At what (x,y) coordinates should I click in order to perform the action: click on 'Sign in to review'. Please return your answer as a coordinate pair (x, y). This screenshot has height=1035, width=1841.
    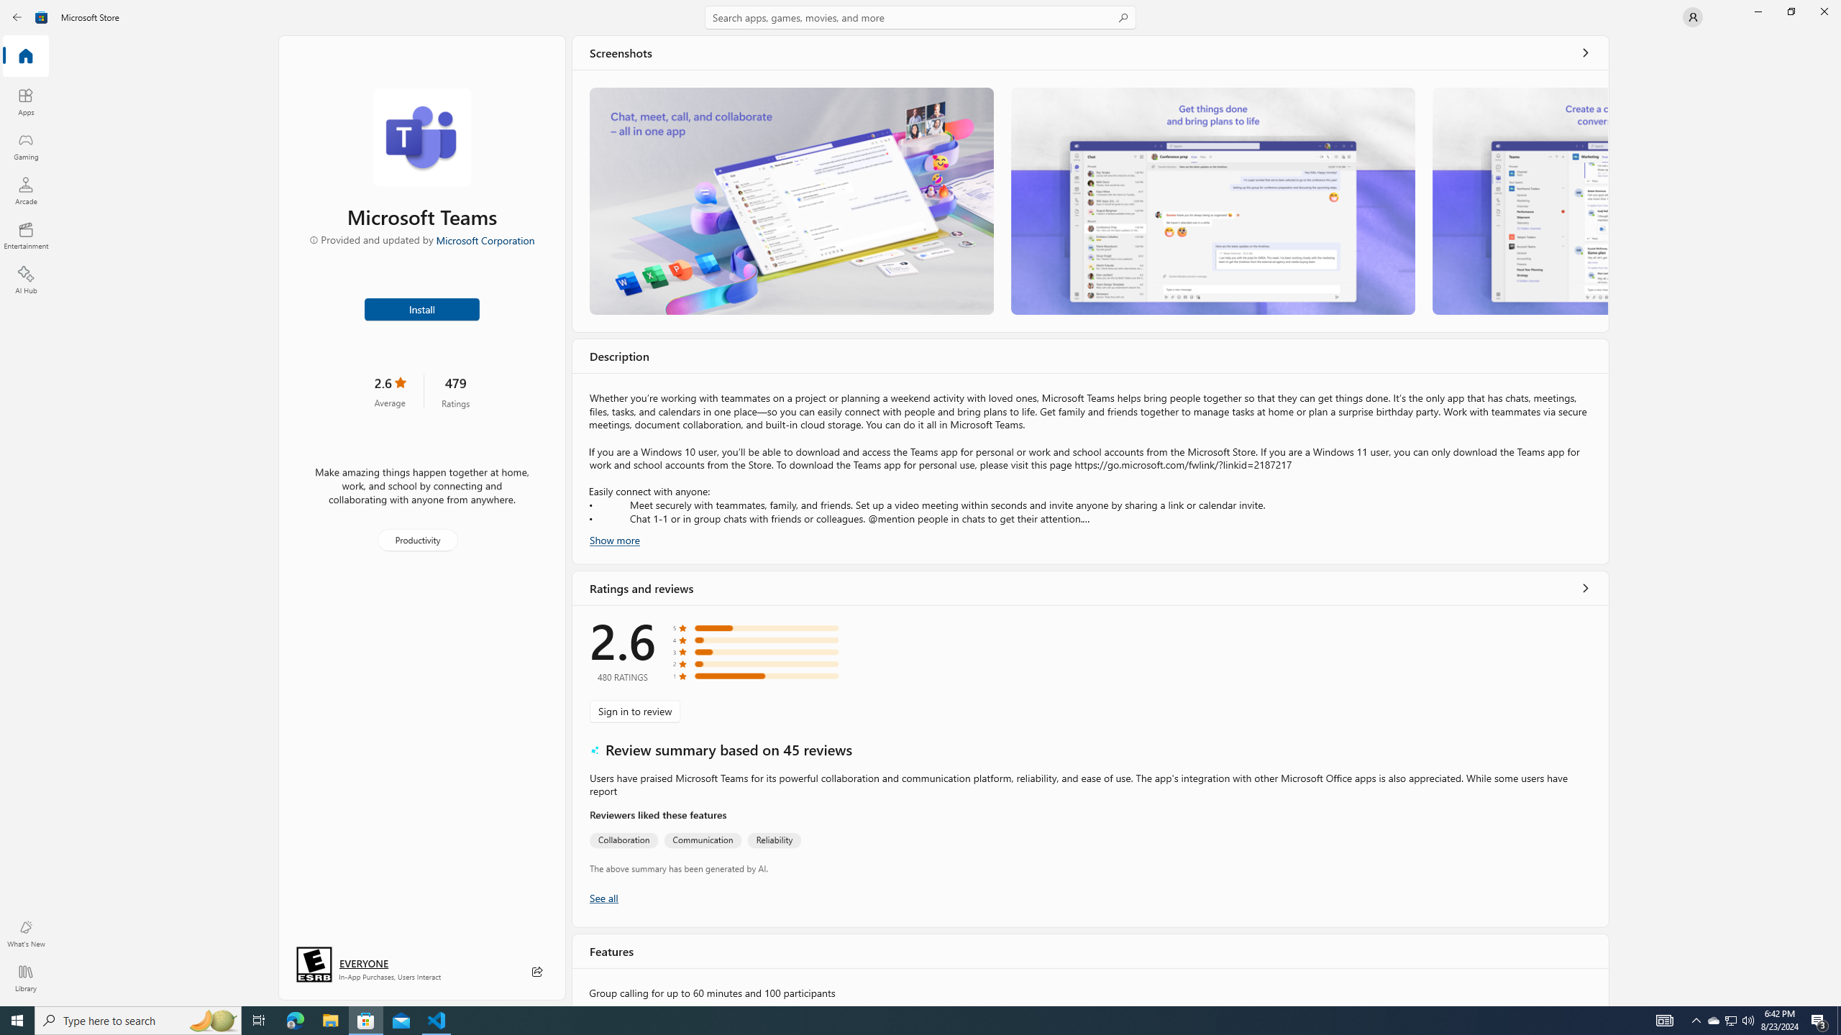
    Looking at the image, I should click on (634, 710).